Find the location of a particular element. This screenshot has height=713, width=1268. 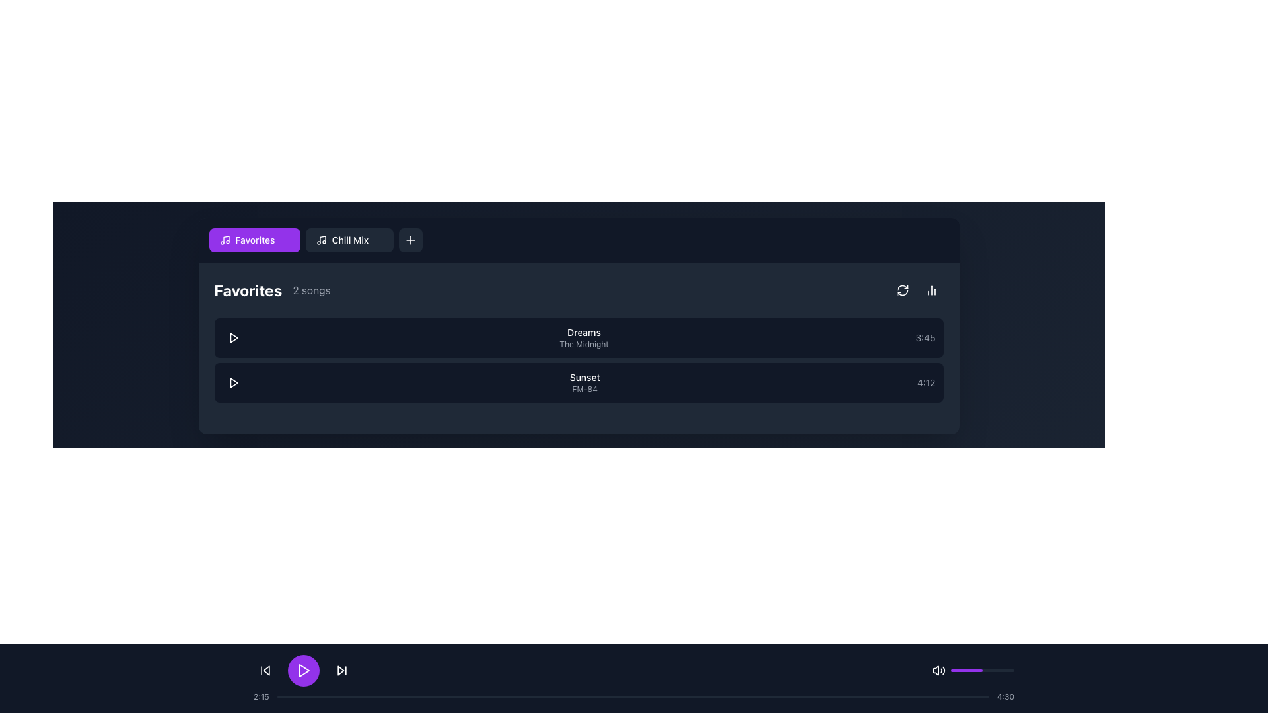

the progress bar is located at coordinates (768, 696).